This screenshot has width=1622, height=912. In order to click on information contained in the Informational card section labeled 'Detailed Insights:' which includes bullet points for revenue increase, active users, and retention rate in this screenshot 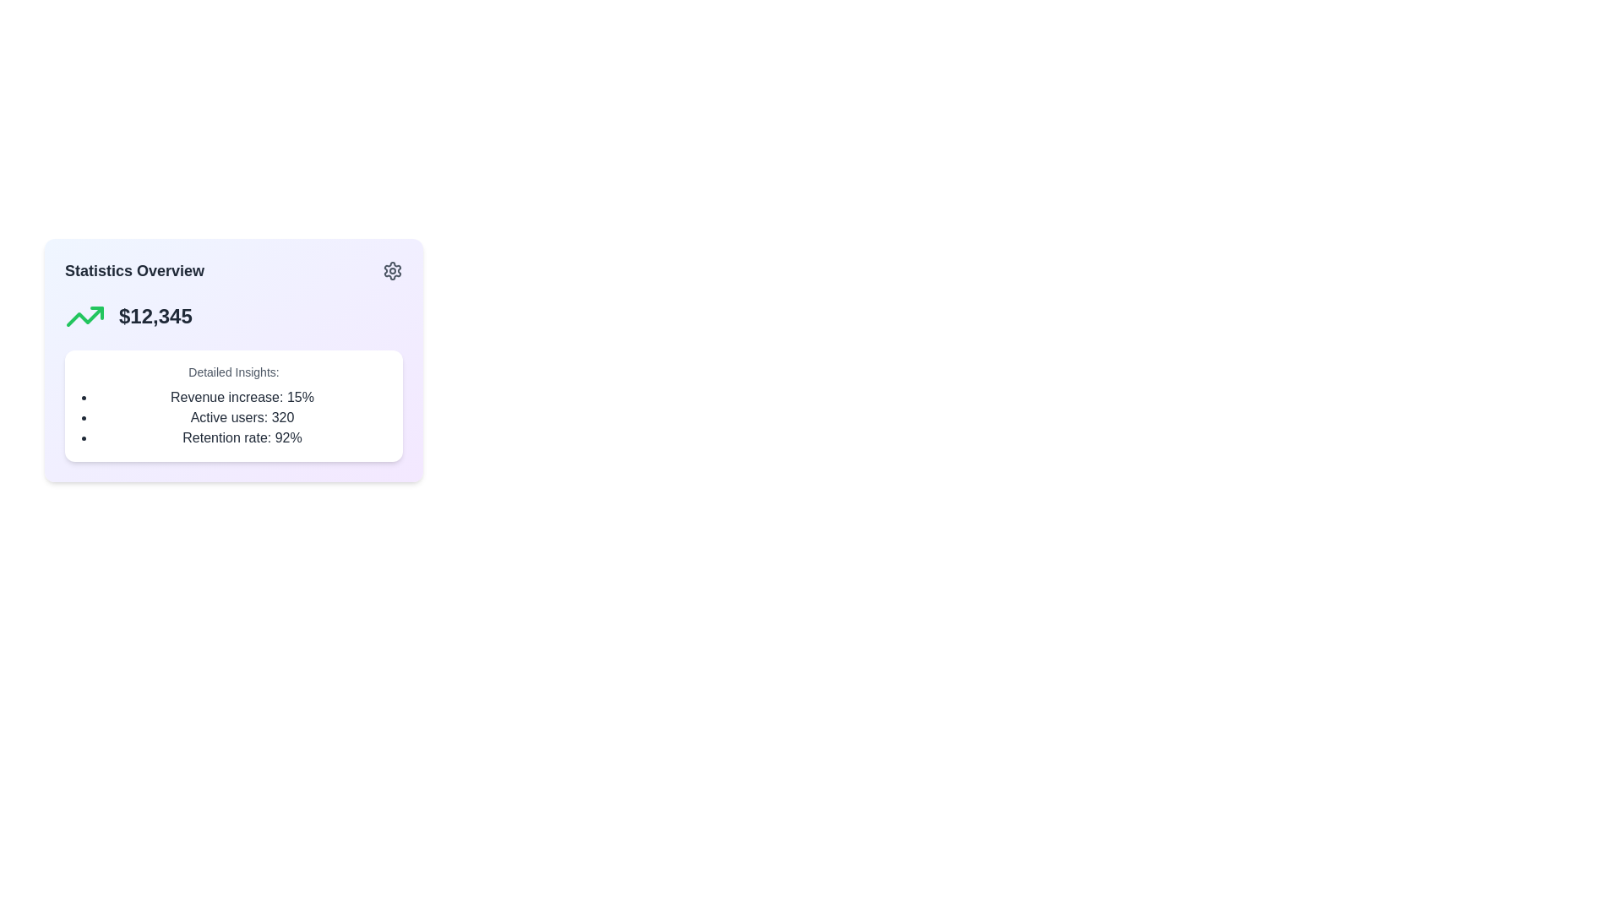, I will do `click(233, 406)`.